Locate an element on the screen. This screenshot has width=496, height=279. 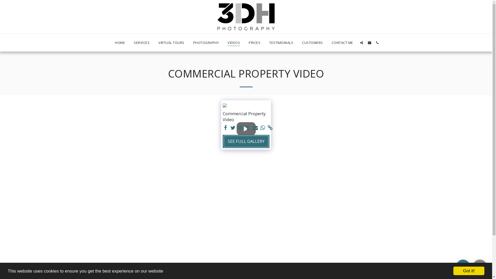
' ' is located at coordinates (263, 128).